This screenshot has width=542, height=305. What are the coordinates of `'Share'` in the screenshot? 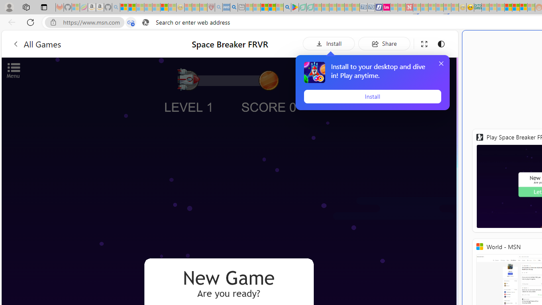 It's located at (384, 43).